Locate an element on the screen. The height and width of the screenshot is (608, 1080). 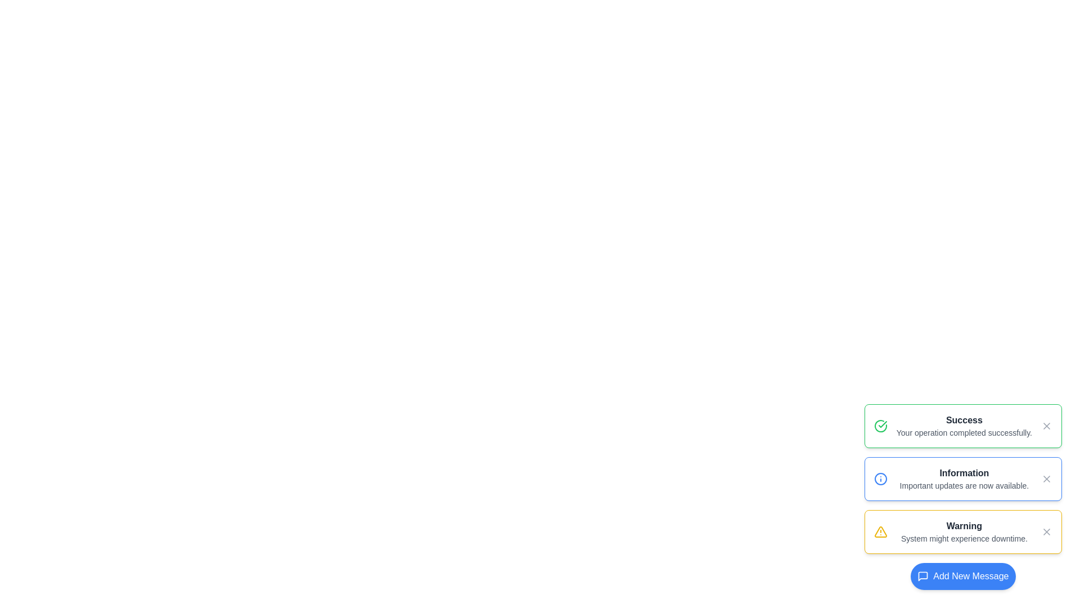
the checkmark icon within the green-bordered success notification card, which is positioned on the left side of the notification text is located at coordinates (880, 426).